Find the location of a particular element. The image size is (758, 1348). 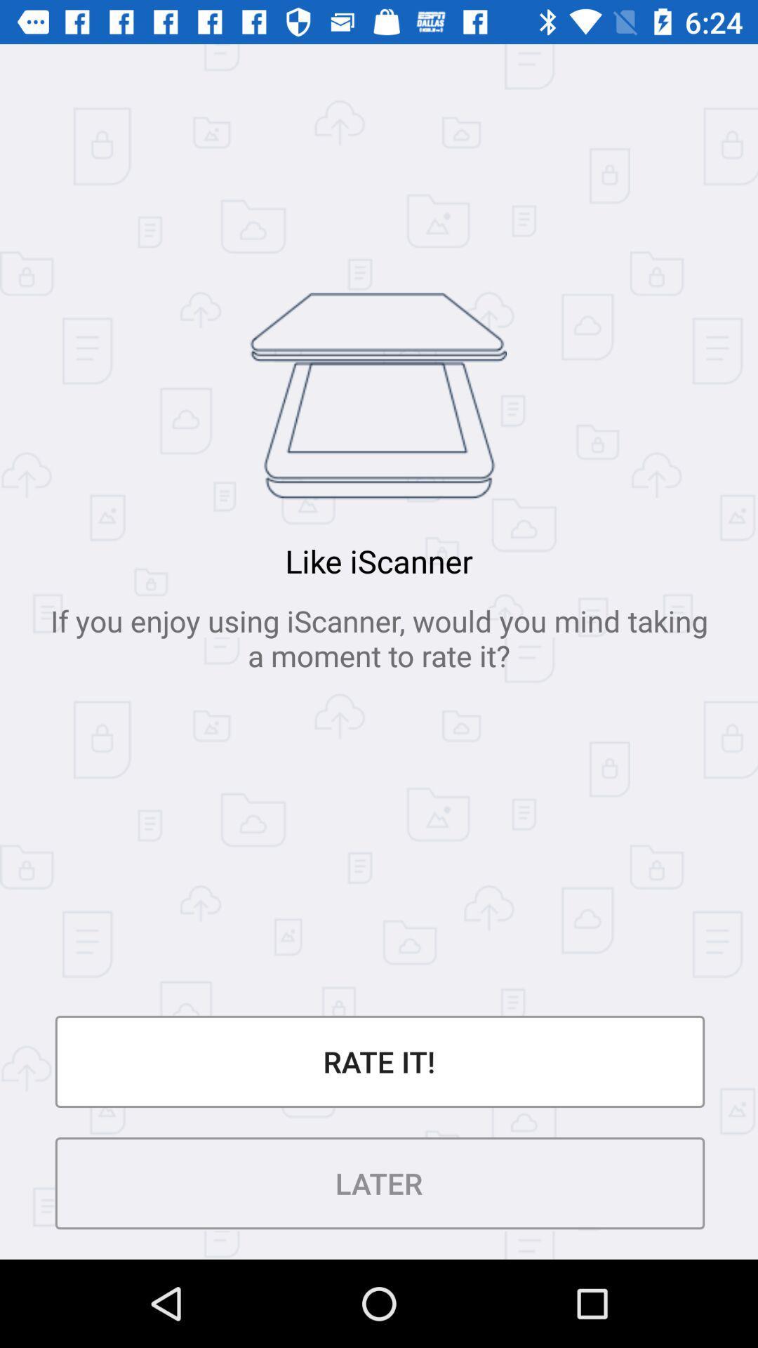

later is located at coordinates (379, 1182).